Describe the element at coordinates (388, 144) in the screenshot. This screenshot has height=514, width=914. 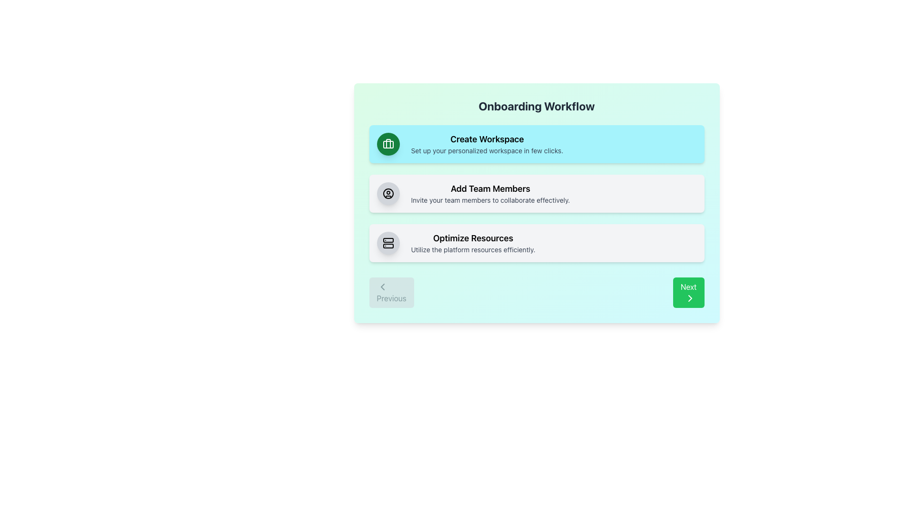
I see `the green circular button icon that symbolizes workspace creation, located to the left of the 'Create Workspace' text in the onboarding workflow` at that location.